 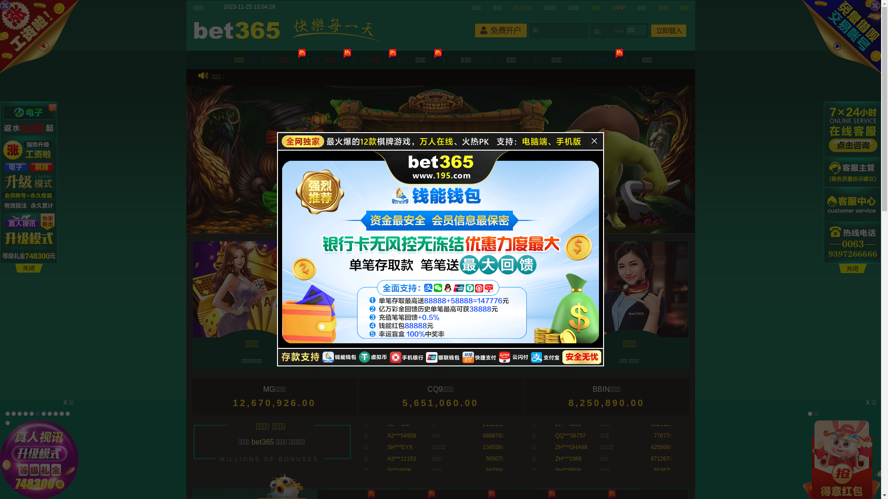 What do you see at coordinates (67, 413) in the screenshot?
I see `'11'` at bounding box center [67, 413].